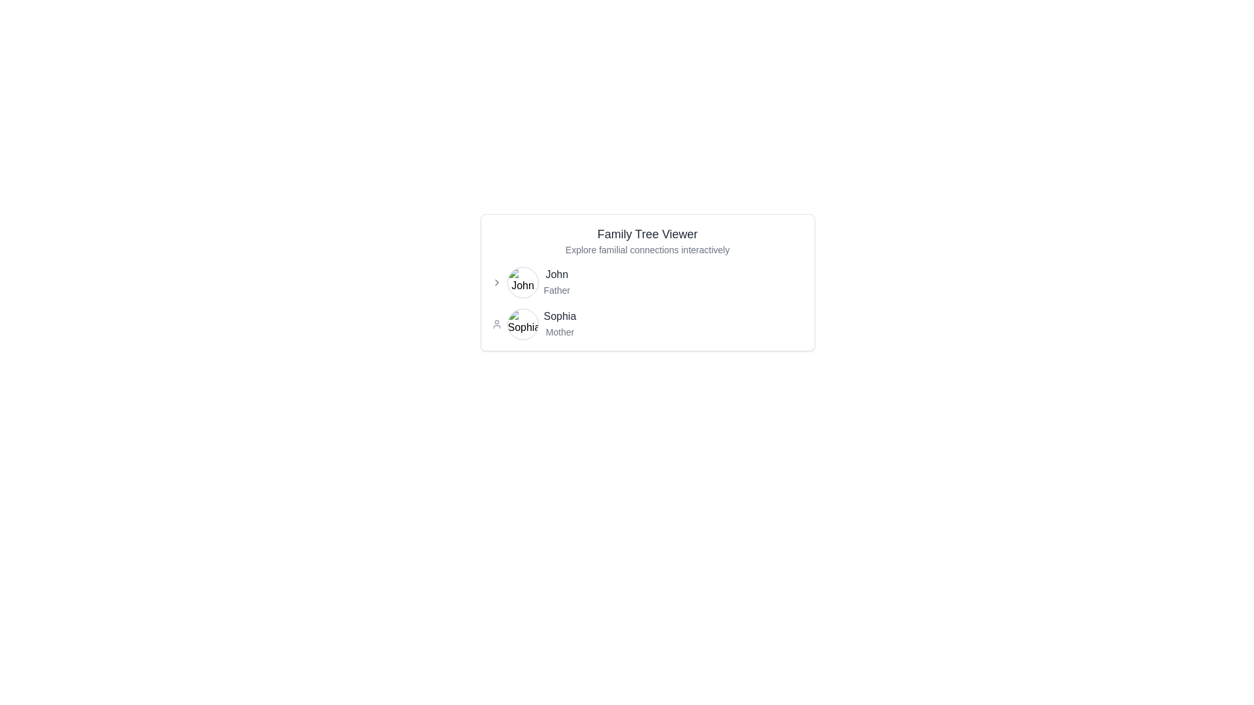  What do you see at coordinates (647, 249) in the screenshot?
I see `the text label displaying 'Explore familial connections interactively', which is positioned below the title 'Family Tree Viewer'` at bounding box center [647, 249].